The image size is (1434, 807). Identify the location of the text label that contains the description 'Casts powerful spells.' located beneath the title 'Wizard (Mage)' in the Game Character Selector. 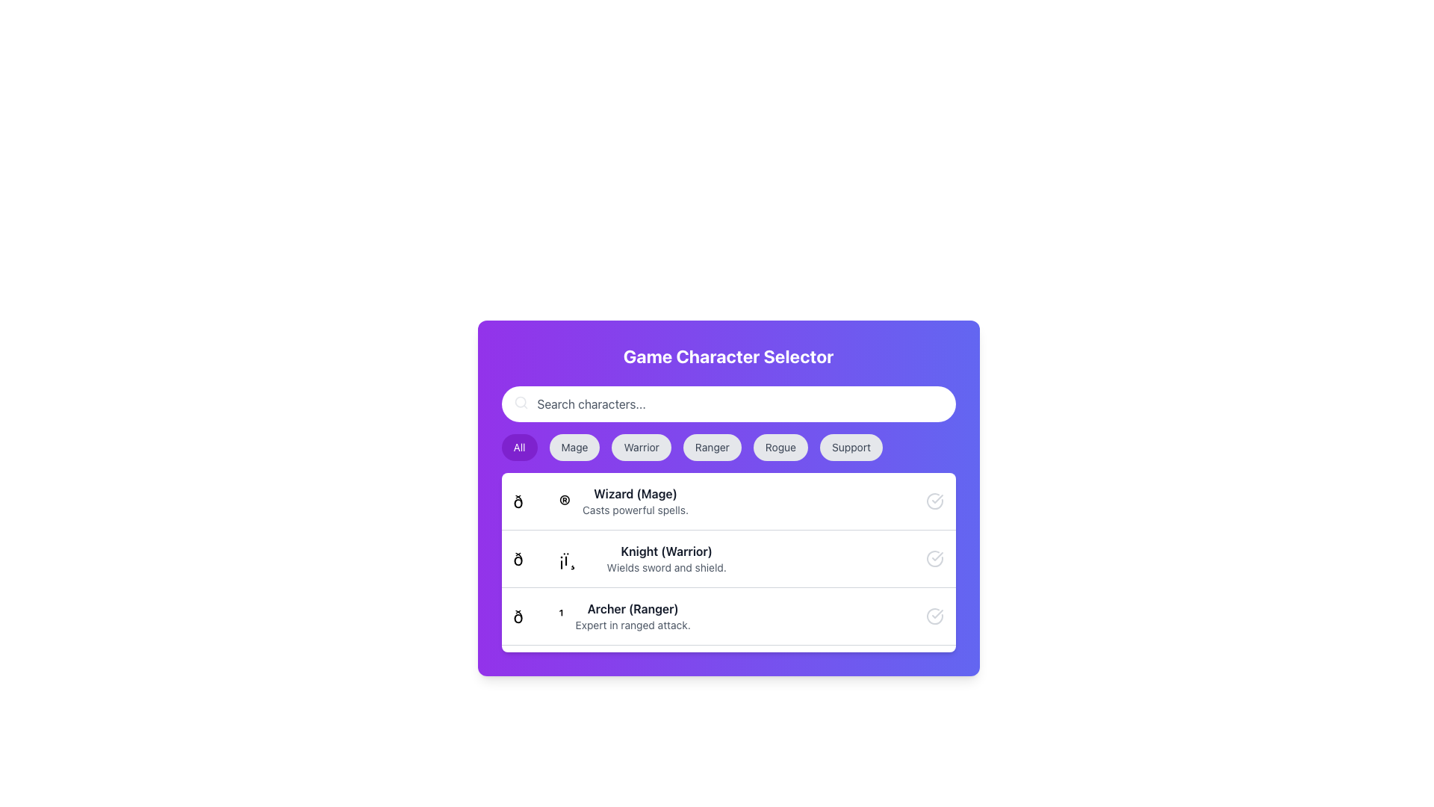
(635, 509).